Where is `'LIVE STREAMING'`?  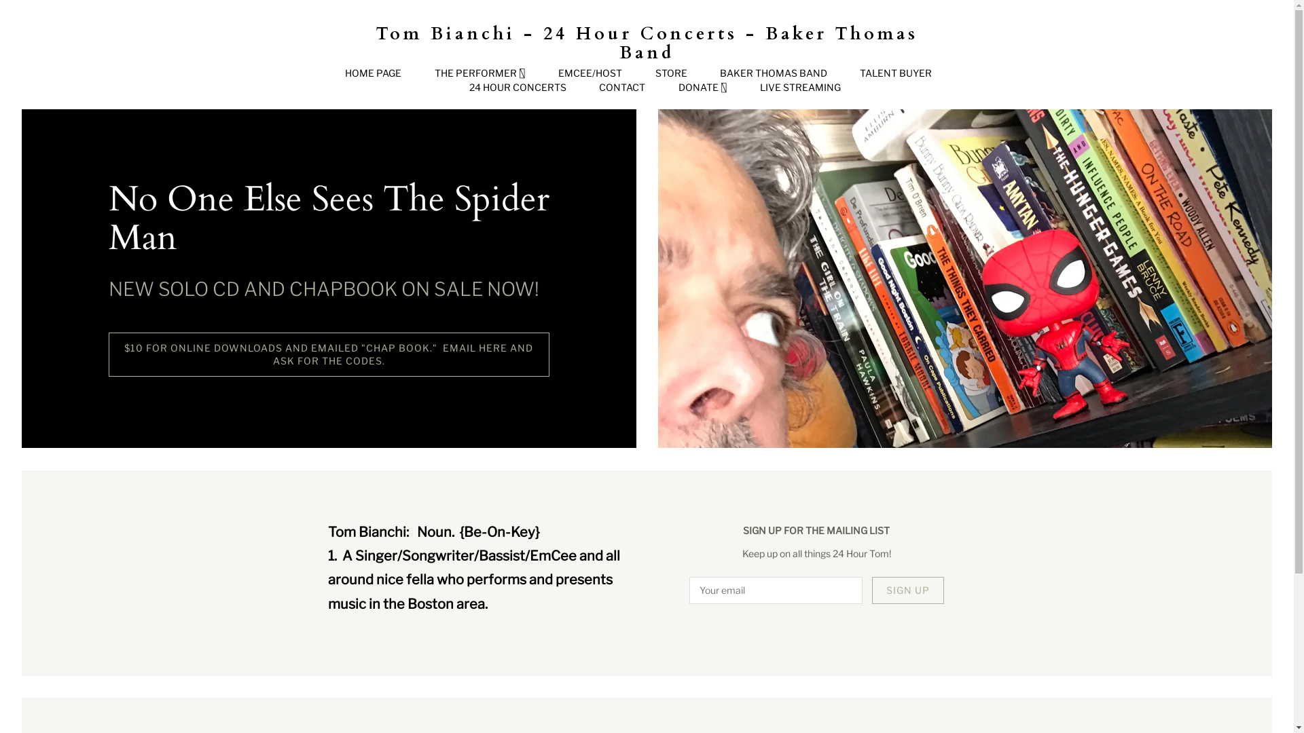 'LIVE STREAMING' is located at coordinates (800, 87).